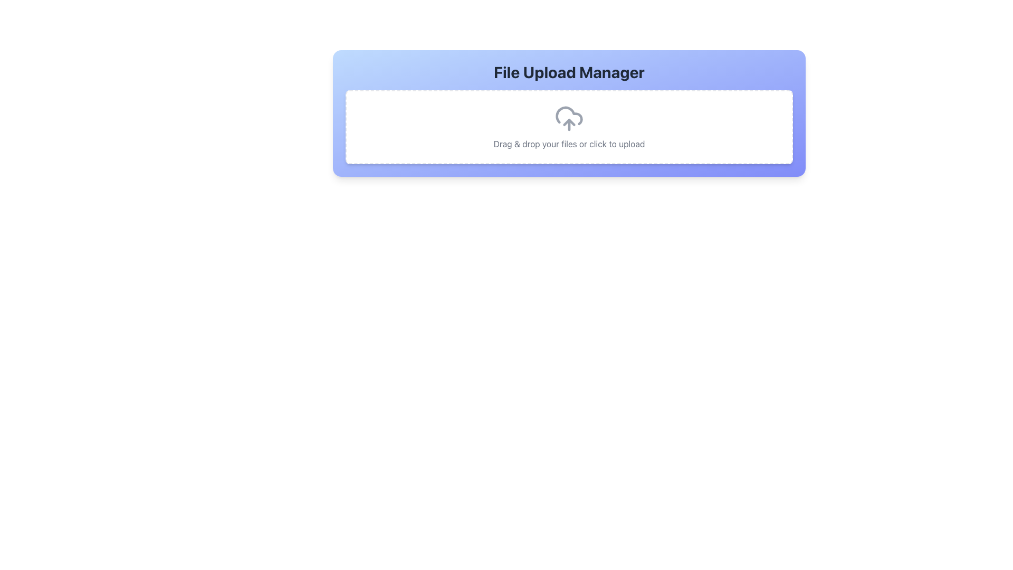  What do you see at coordinates (569, 118) in the screenshot?
I see `the upload icon, which is a gray cloud with an upward arrow inside, located within a card-like section with a dashed border` at bounding box center [569, 118].